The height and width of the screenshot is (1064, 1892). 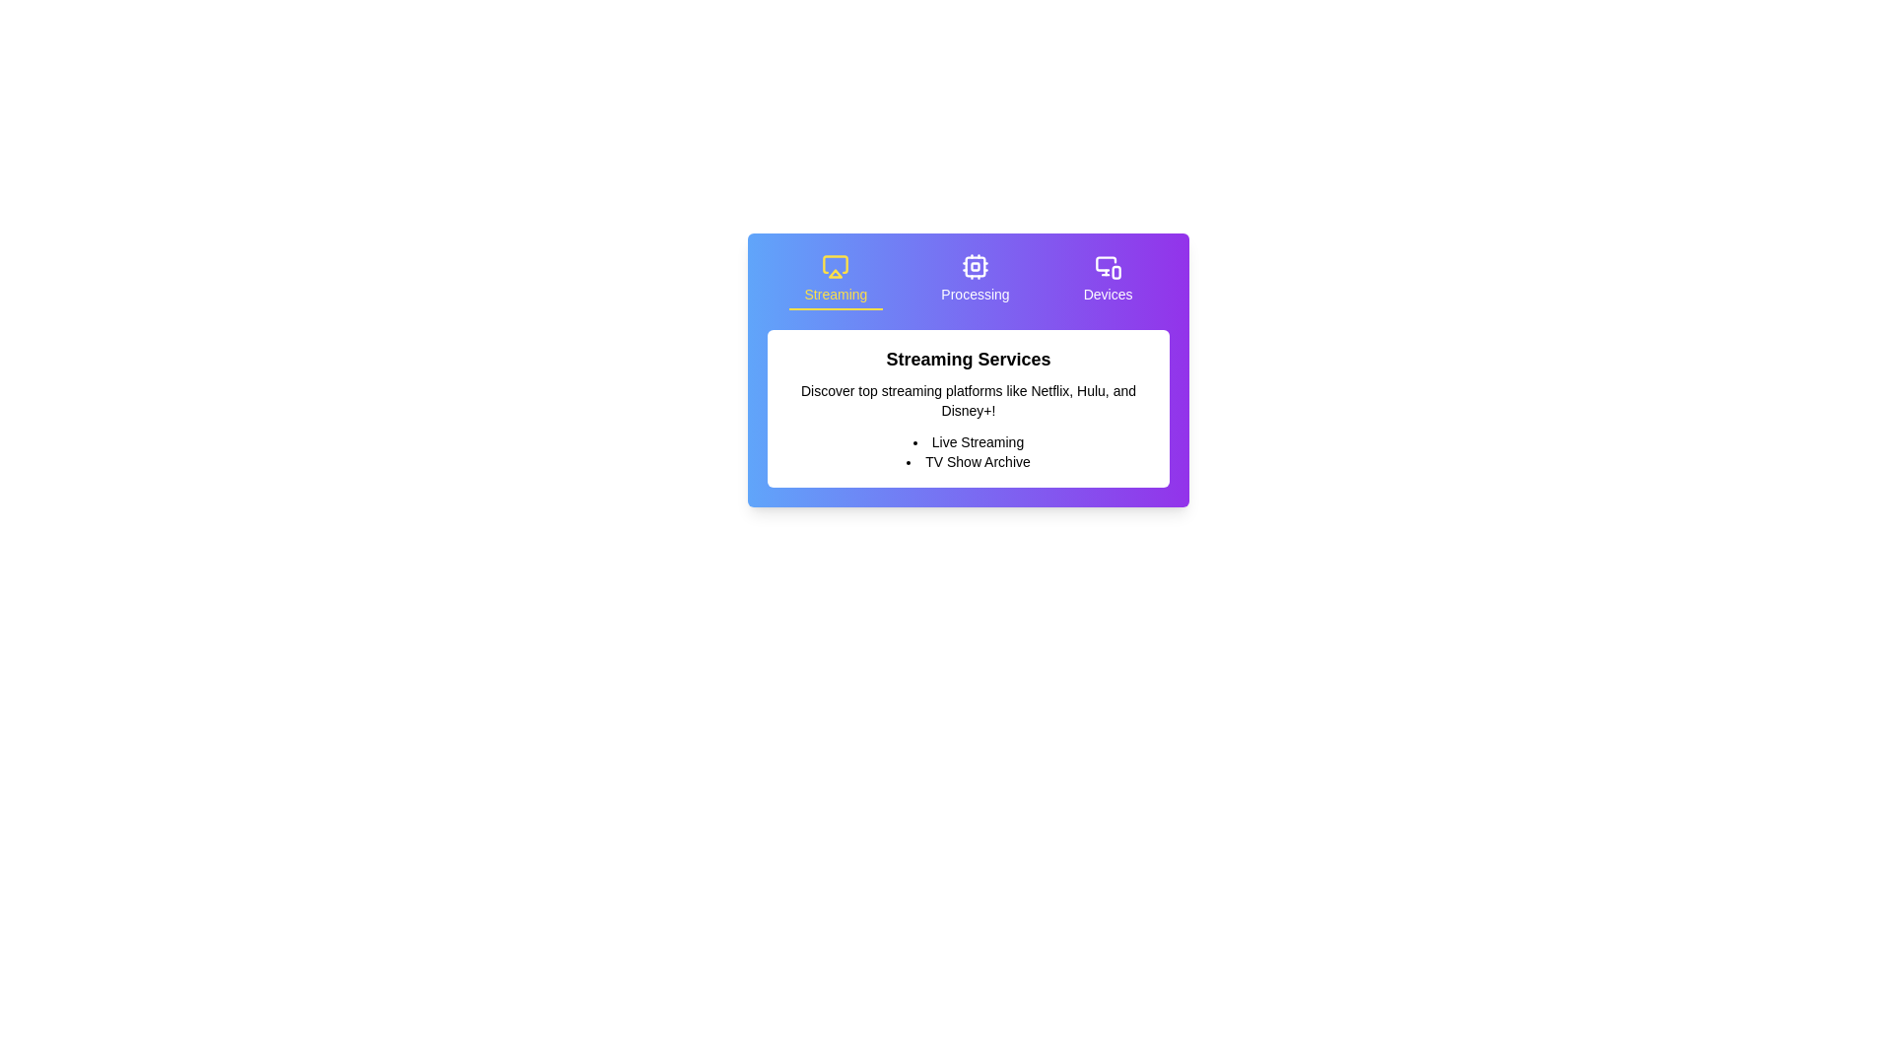 What do you see at coordinates (969, 281) in the screenshot?
I see `the 'Processing' label in the Navigation tab to switch to the Processing category, which is the currently active section highlighted with white text and a transparent border` at bounding box center [969, 281].